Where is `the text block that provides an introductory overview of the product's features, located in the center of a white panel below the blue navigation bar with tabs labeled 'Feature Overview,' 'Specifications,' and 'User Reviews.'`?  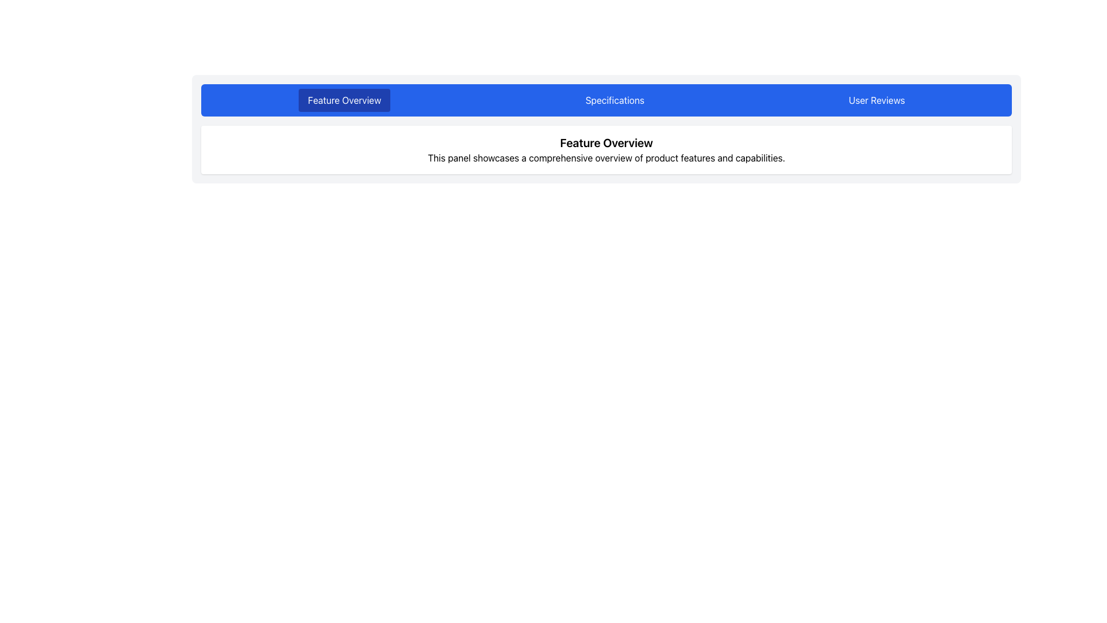
the text block that provides an introductory overview of the product's features, located in the center of a white panel below the blue navigation bar with tabs labeled 'Feature Overview,' 'Specifications,' and 'User Reviews.' is located at coordinates (605, 149).